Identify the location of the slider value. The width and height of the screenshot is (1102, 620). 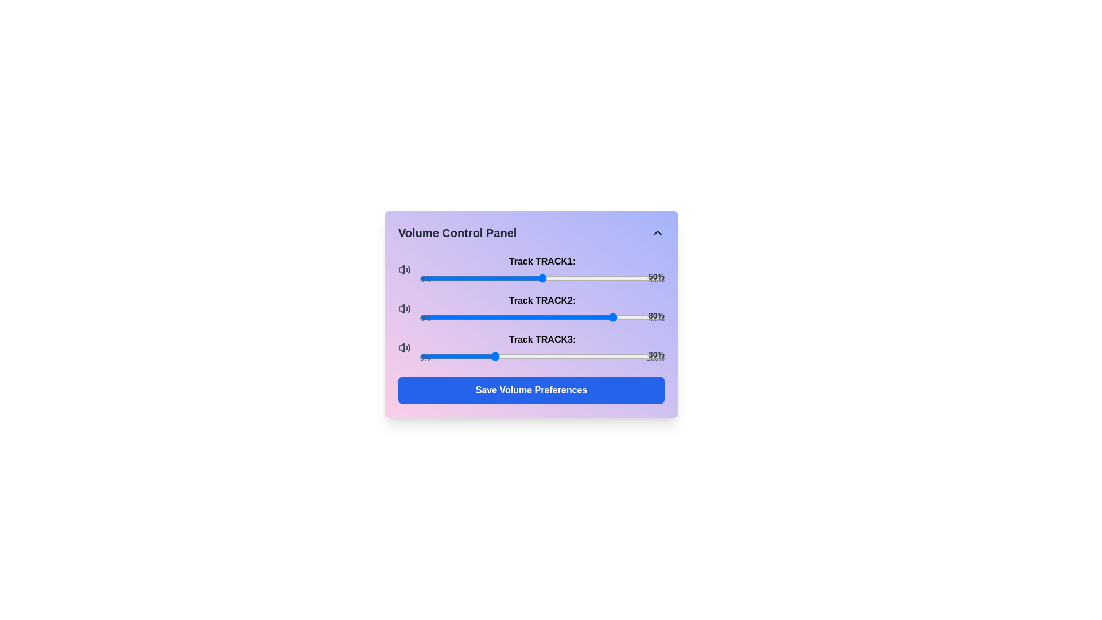
(554, 356).